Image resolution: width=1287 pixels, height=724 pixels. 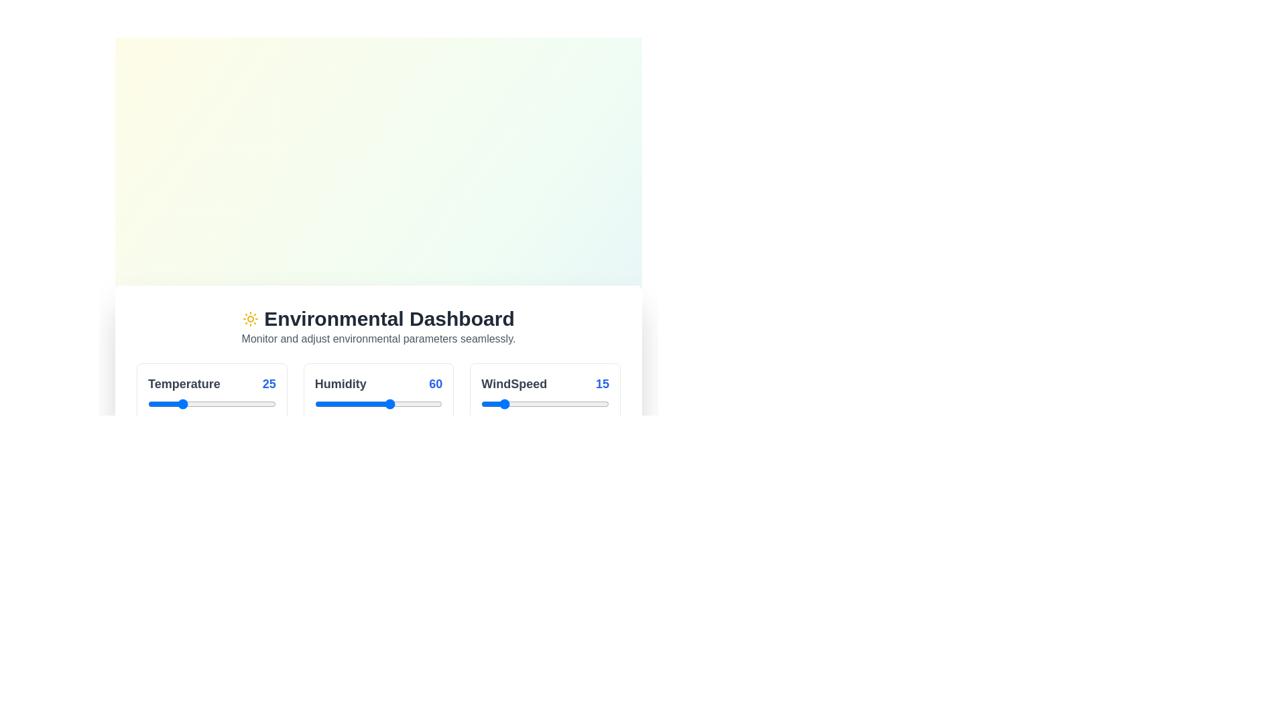 What do you see at coordinates (324, 403) in the screenshot?
I see `the Humidity slider` at bounding box center [324, 403].